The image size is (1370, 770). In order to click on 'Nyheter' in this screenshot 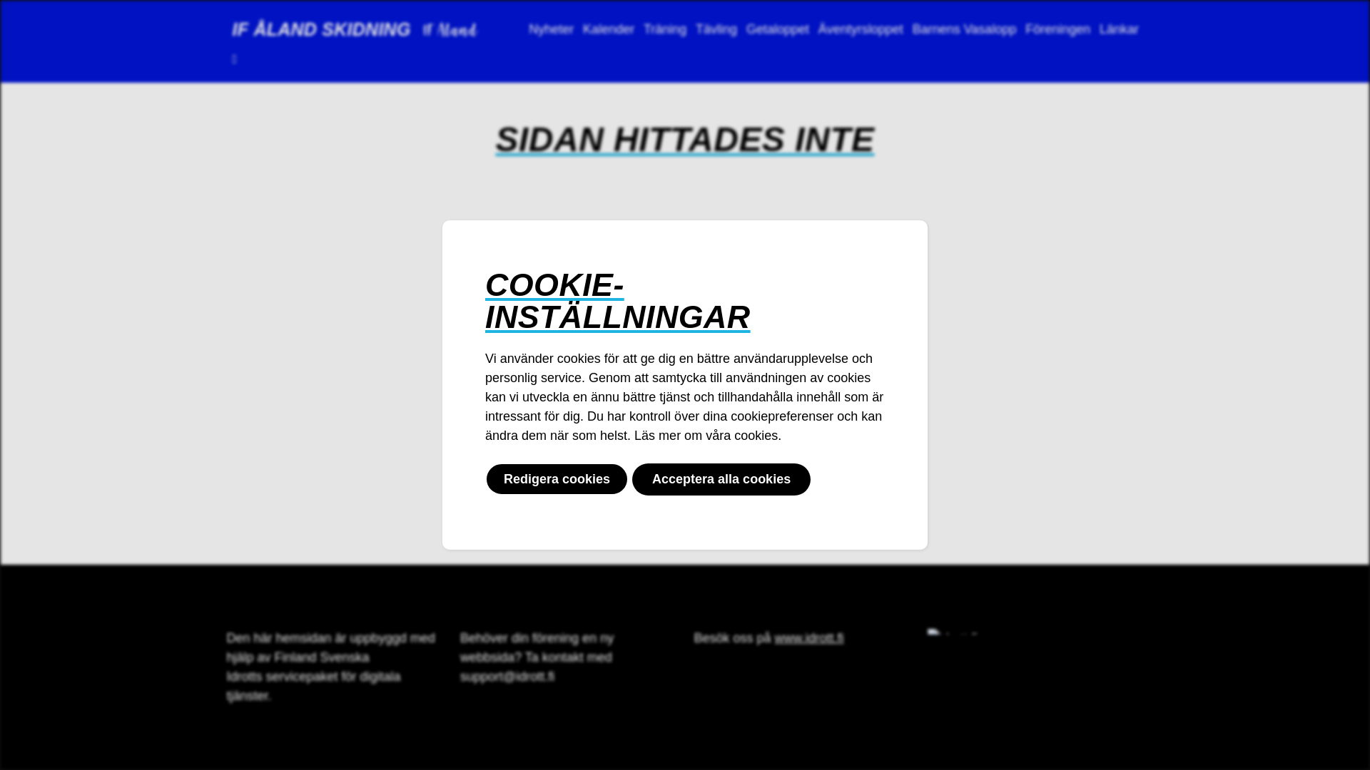, I will do `click(550, 29)`.